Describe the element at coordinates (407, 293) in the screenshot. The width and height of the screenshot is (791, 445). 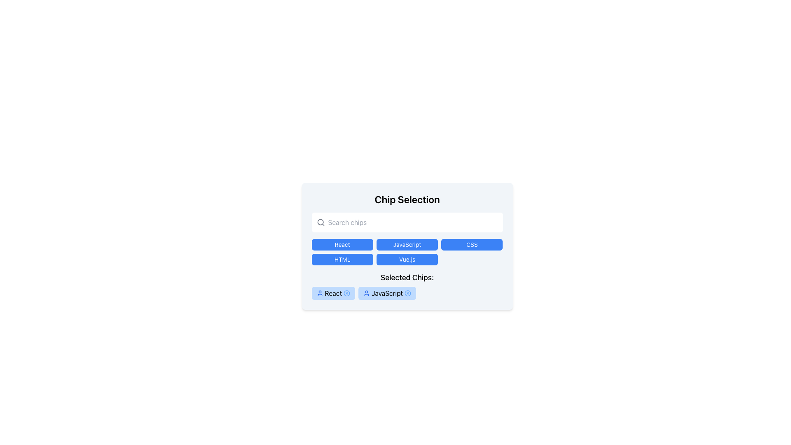
I see `the close icon button located at the end of the 'JavaScript' chip in the 'Selected Chips' section to trigger a tooltip or visual indication` at that location.